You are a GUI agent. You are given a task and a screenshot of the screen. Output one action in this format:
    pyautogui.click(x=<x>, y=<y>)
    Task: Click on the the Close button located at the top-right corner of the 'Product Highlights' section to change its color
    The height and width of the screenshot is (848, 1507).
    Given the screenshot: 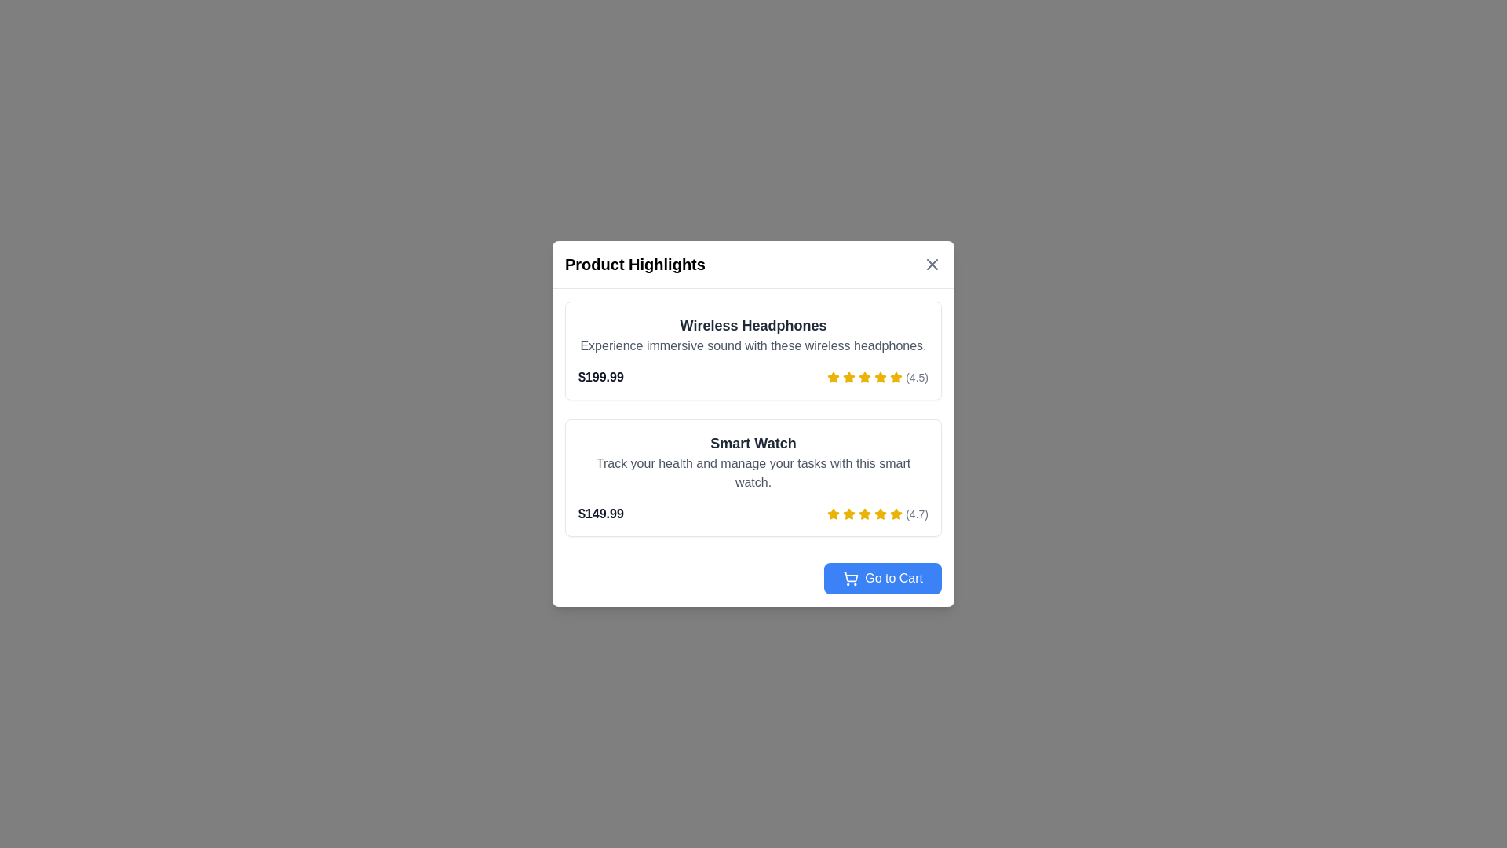 What is the action you would take?
    pyautogui.click(x=932, y=263)
    